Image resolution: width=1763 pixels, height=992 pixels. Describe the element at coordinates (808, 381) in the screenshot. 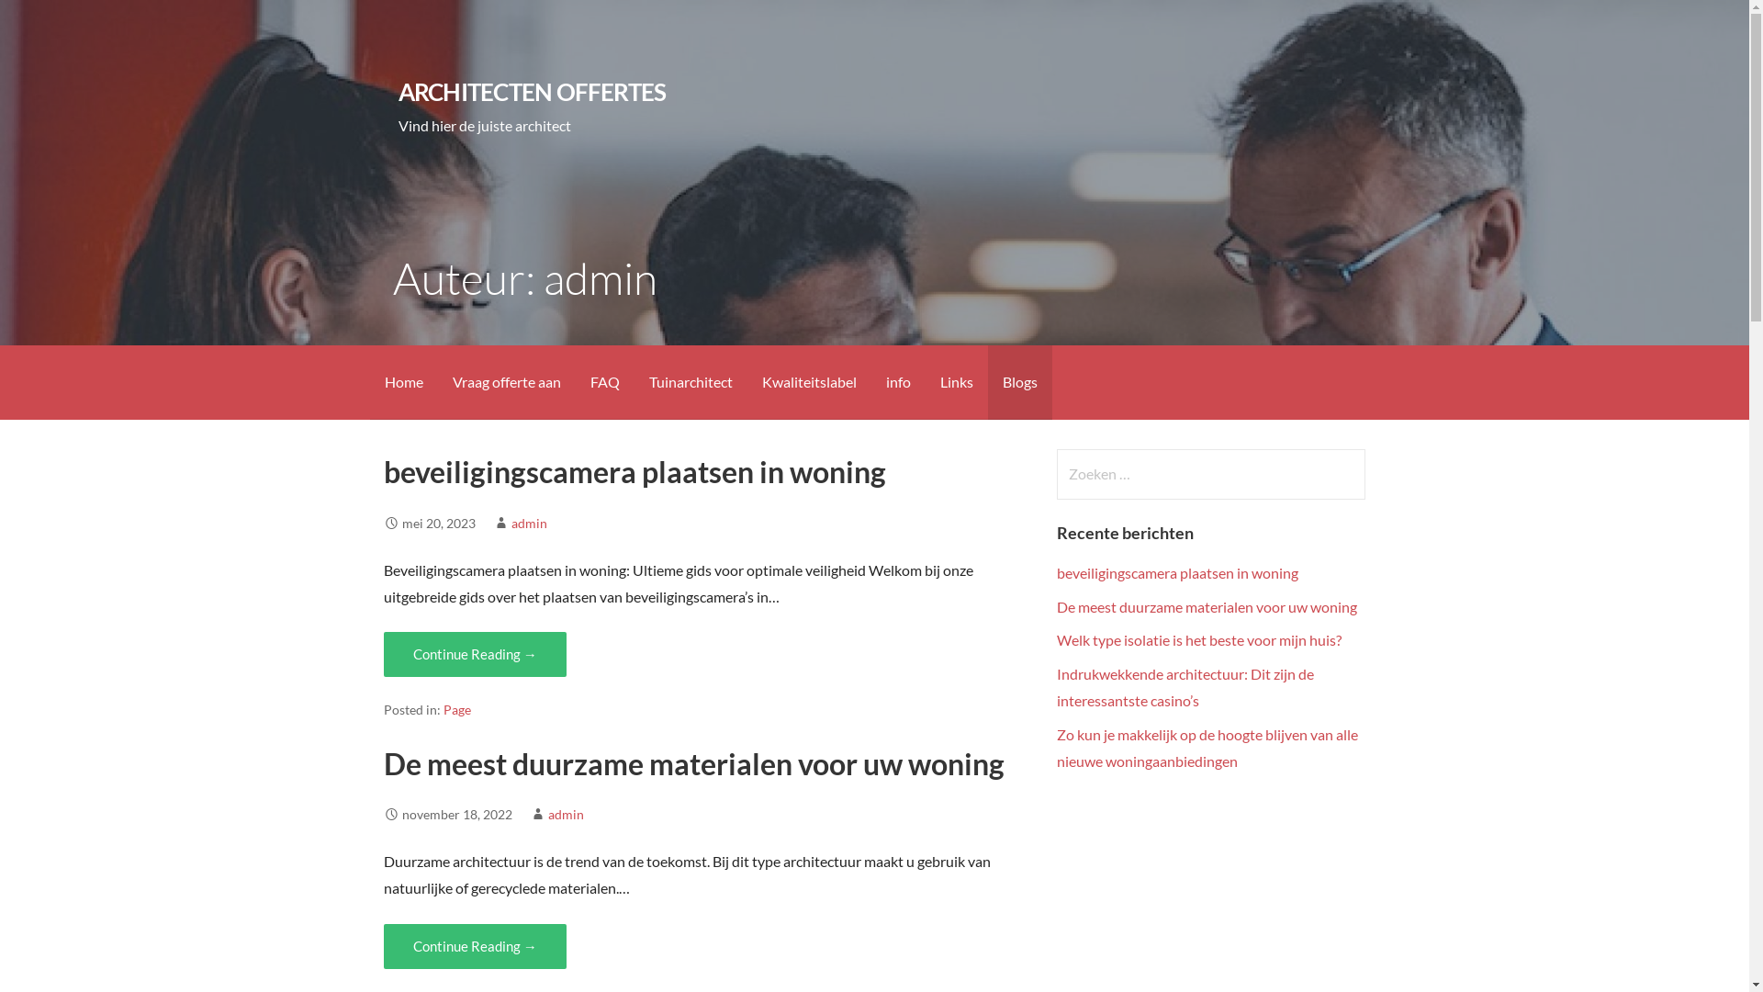

I see `'Kwaliteitslabel'` at that location.